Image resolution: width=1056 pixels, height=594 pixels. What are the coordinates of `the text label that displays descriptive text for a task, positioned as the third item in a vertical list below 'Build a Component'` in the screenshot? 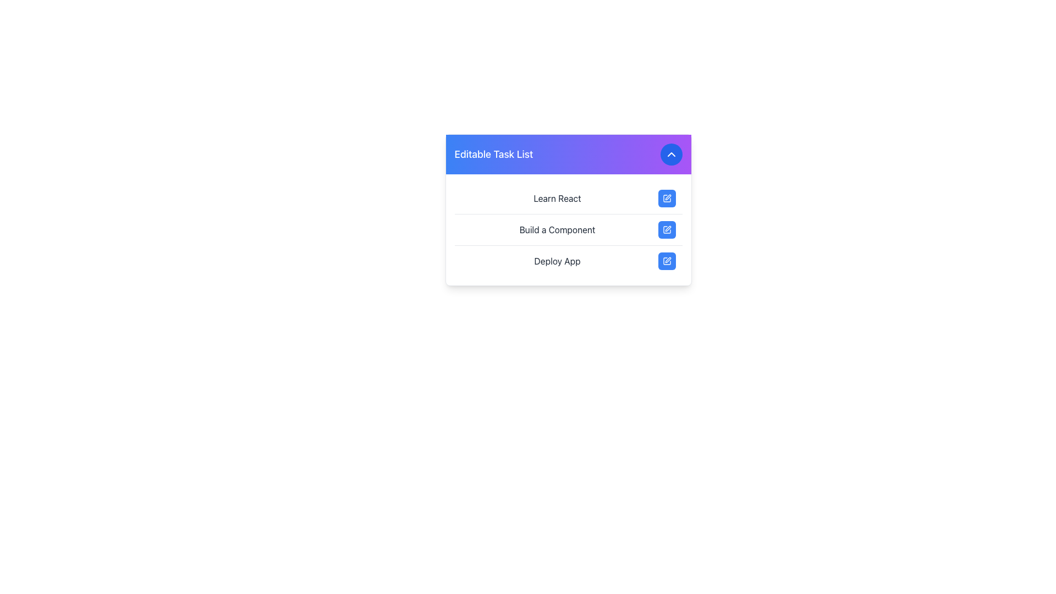 It's located at (557, 261).